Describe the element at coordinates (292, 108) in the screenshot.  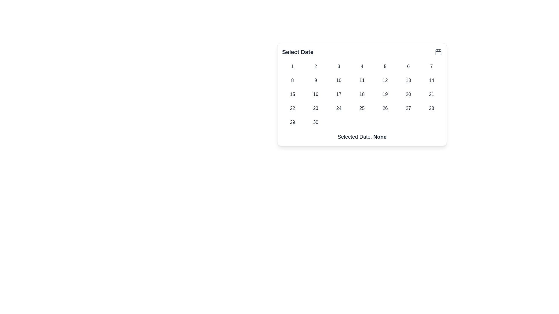
I see `the button that allows users to select the date '22' from the calendar interface, located in the left-most column of the fourth row in a grid of 30 elements` at that location.